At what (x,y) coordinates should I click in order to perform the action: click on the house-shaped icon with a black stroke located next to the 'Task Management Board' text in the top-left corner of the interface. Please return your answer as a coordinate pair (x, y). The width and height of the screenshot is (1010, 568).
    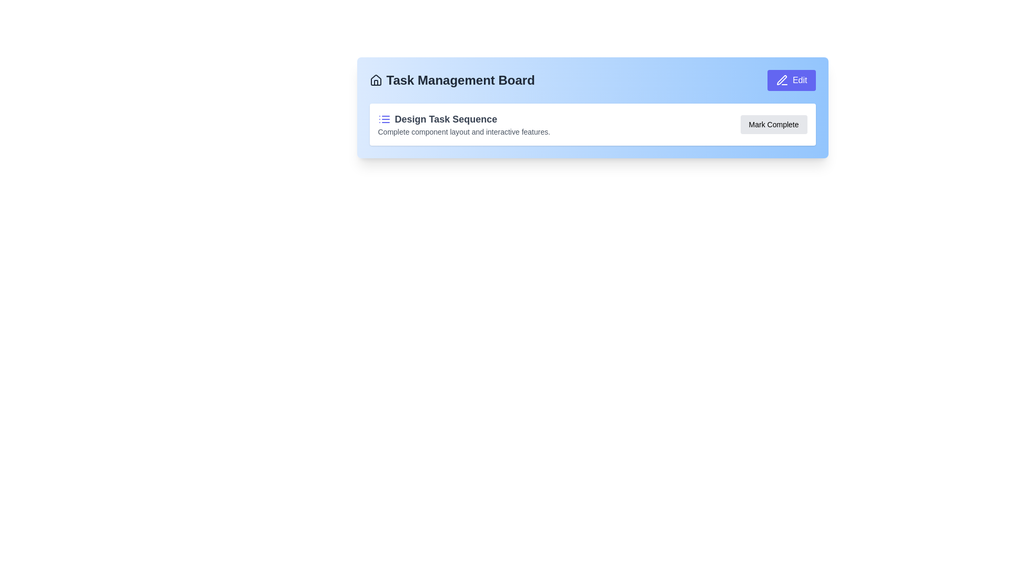
    Looking at the image, I should click on (376, 80).